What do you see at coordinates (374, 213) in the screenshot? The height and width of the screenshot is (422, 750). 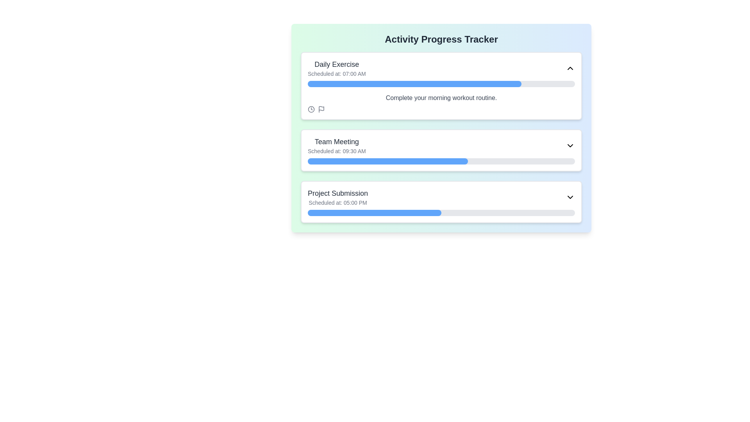 I see `the filled portion of the progress bar within the 'Project Submission' card, which is a horizontally elongated bar filled with a solid blue color` at bounding box center [374, 213].